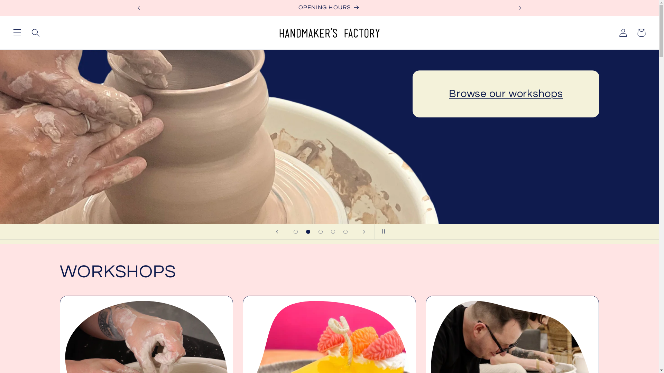 The height and width of the screenshot is (373, 664). Describe the element at coordinates (614, 32) in the screenshot. I see `'Log in'` at that location.